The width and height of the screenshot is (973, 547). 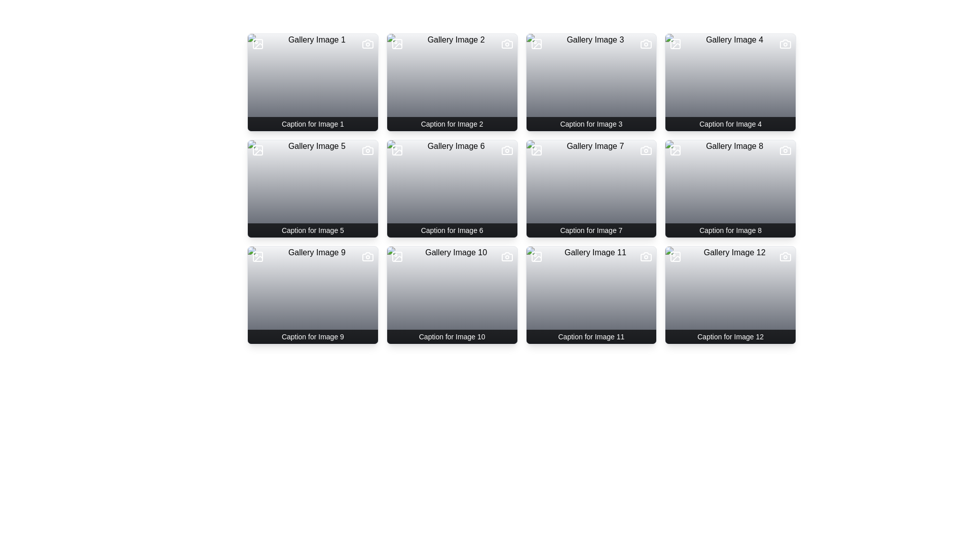 What do you see at coordinates (257, 150) in the screenshot?
I see `the small icon resembling an image outline located` at bounding box center [257, 150].